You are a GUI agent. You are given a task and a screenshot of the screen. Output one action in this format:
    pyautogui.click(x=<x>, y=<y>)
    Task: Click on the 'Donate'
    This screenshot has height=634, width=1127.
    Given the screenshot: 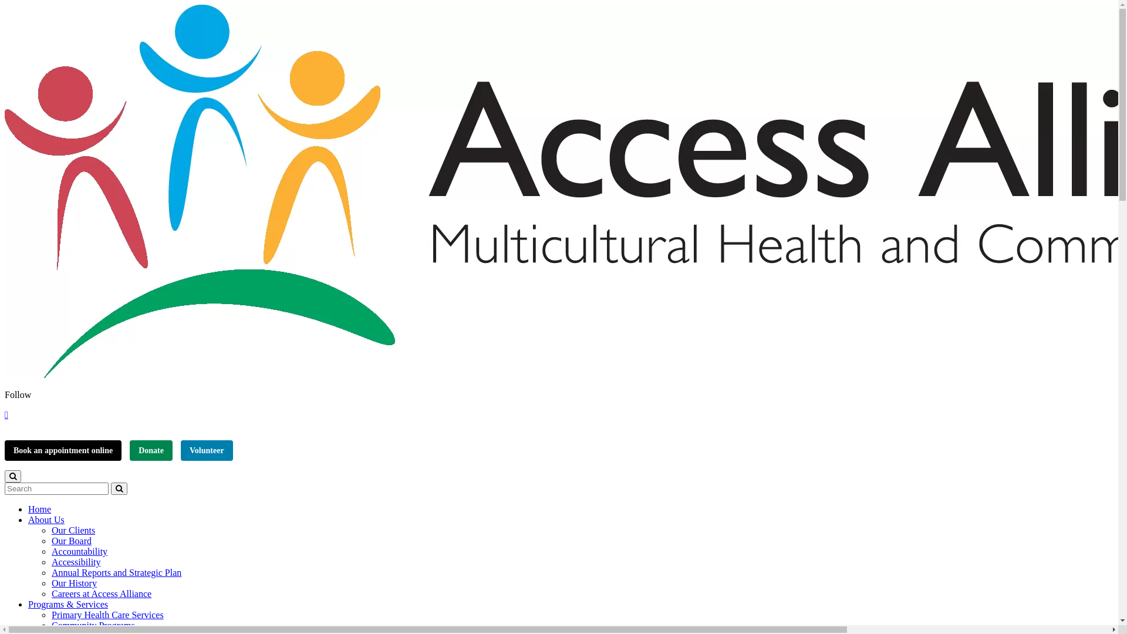 What is the action you would take?
    pyautogui.click(x=150, y=450)
    